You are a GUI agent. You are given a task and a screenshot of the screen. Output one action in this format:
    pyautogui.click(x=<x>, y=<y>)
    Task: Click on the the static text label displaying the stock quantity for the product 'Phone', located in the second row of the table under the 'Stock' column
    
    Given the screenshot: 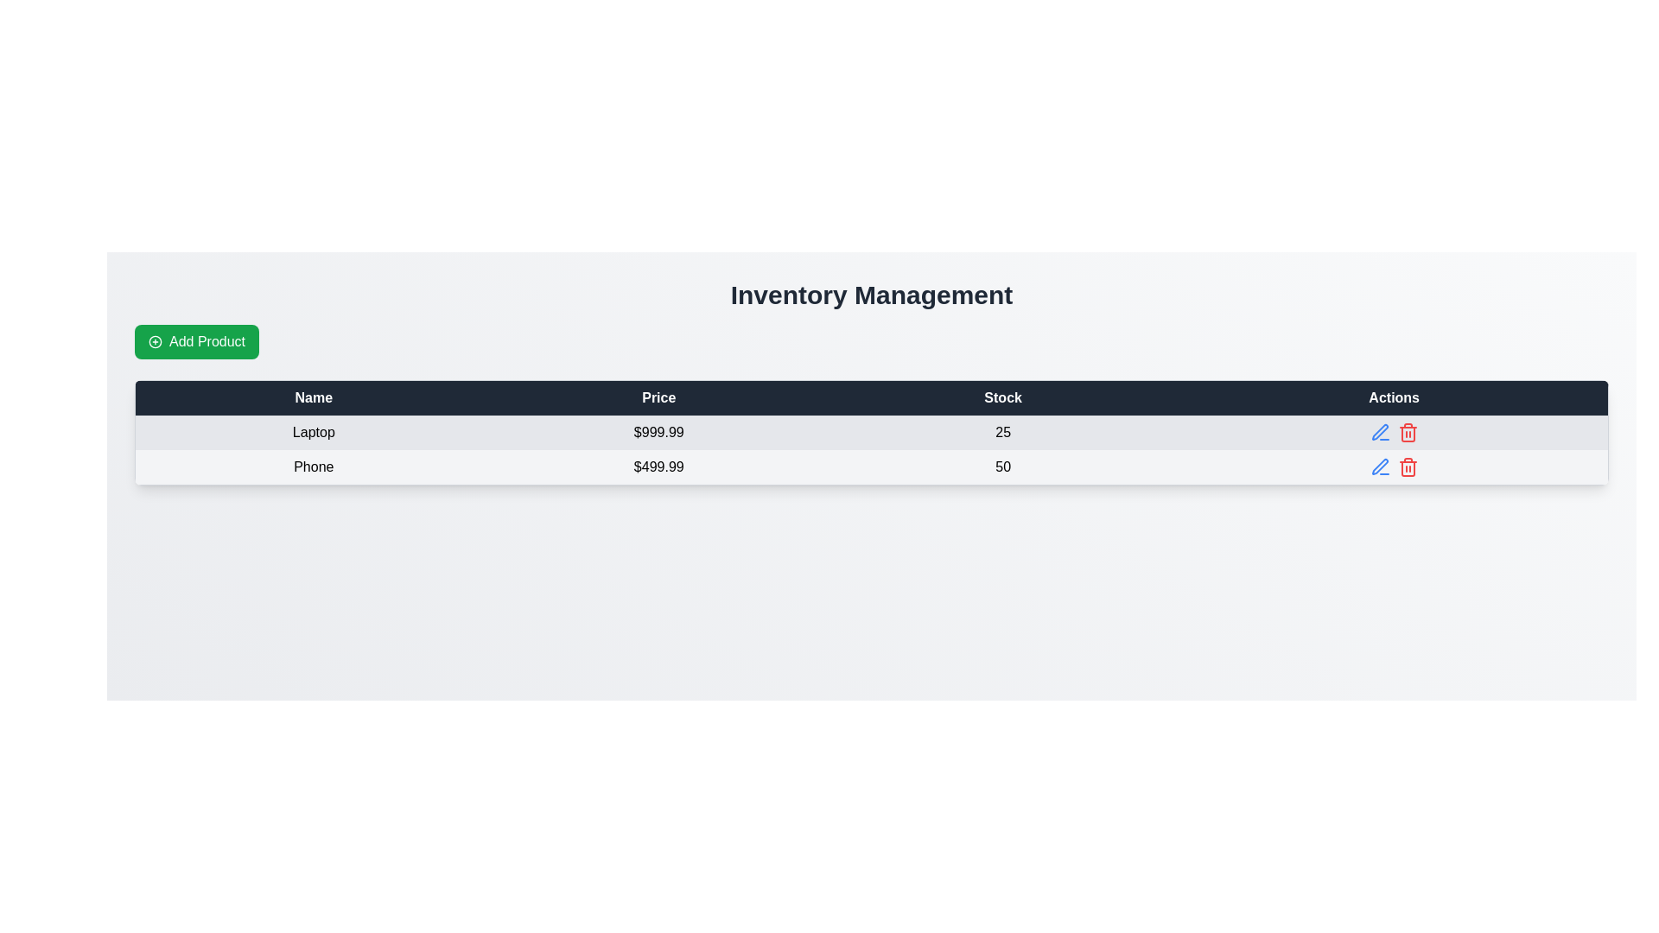 What is the action you would take?
    pyautogui.click(x=1003, y=467)
    